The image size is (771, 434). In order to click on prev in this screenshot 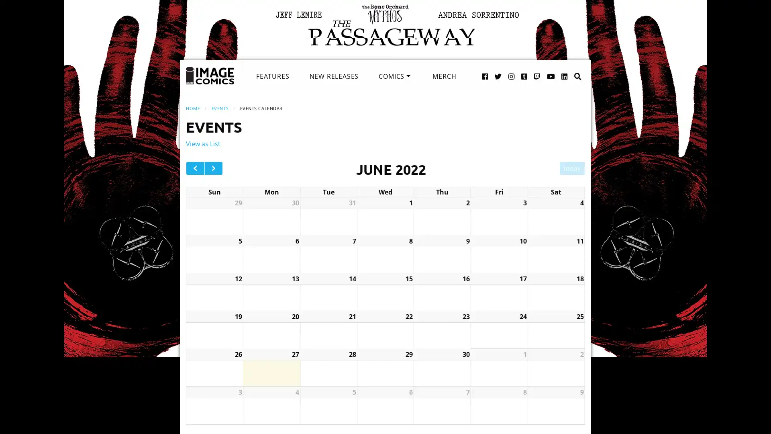, I will do `click(195, 168)`.